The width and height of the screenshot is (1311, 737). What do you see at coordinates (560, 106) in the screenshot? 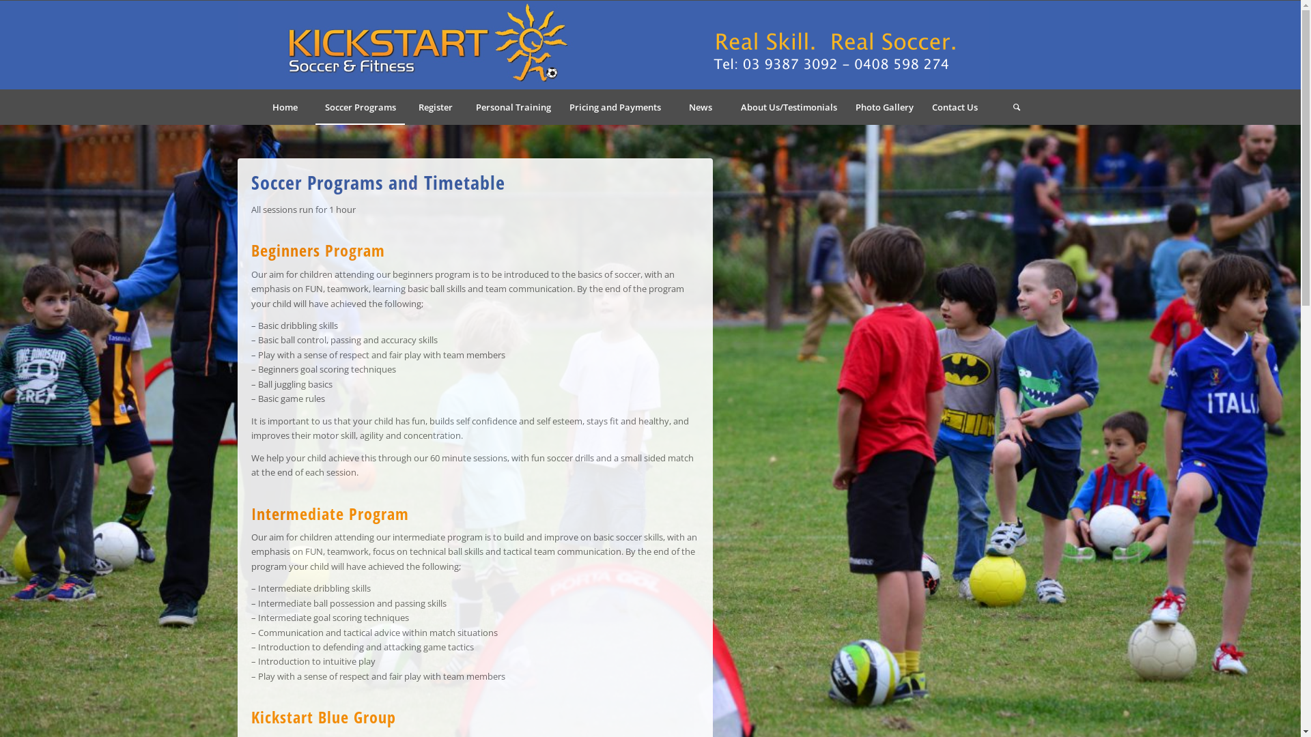
I see `'Pricing and Payments'` at bounding box center [560, 106].